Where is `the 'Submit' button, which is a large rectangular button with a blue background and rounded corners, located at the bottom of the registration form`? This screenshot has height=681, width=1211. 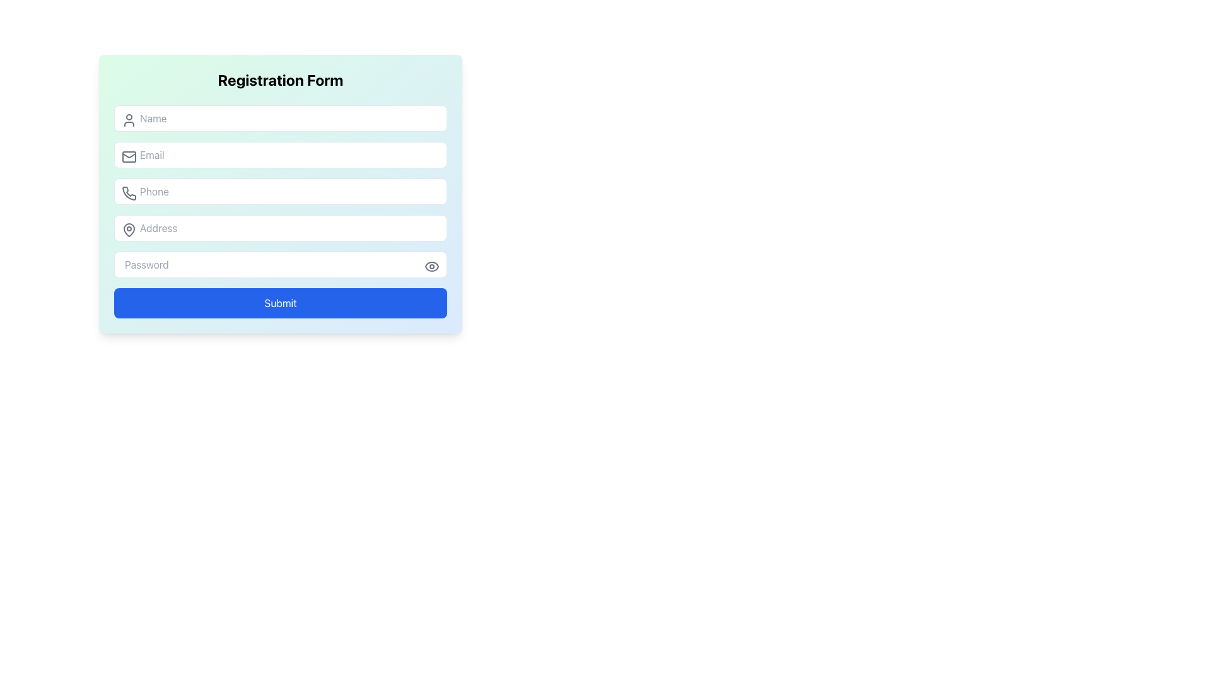 the 'Submit' button, which is a large rectangular button with a blue background and rounded corners, located at the bottom of the registration form is located at coordinates (280, 303).